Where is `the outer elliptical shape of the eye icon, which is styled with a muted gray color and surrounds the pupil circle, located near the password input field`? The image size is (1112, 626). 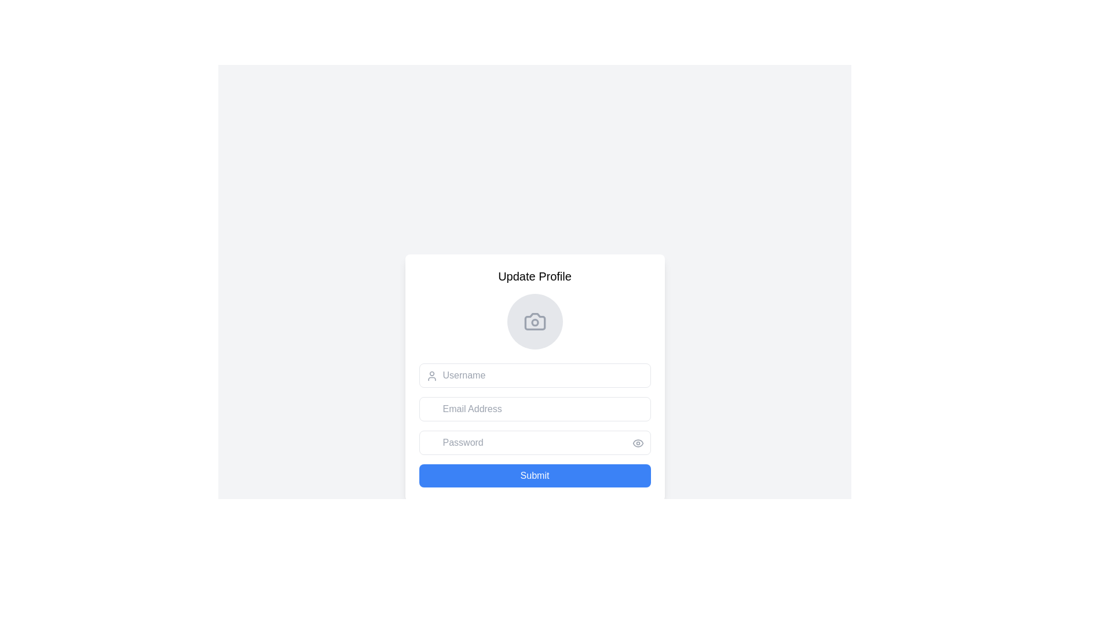
the outer elliptical shape of the eye icon, which is styled with a muted gray color and surrounds the pupil circle, located near the password input field is located at coordinates (637, 443).